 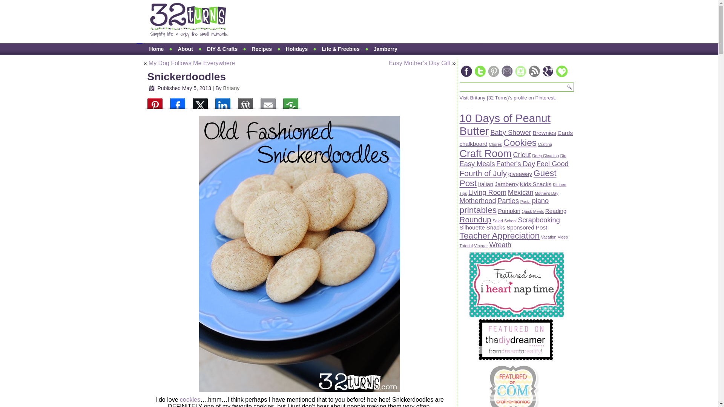 I want to click on 'School', so click(x=510, y=220).